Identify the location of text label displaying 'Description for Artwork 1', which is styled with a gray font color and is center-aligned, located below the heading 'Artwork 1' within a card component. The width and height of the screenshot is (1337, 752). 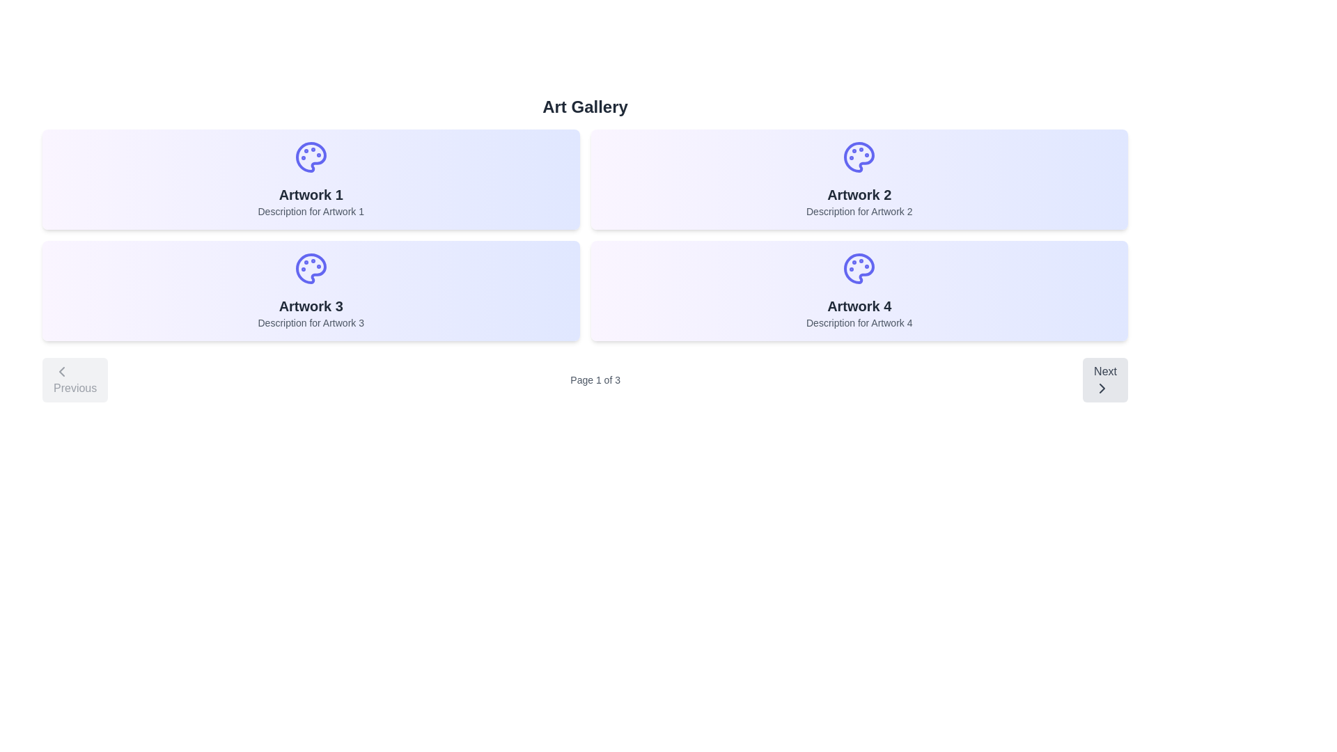
(310, 212).